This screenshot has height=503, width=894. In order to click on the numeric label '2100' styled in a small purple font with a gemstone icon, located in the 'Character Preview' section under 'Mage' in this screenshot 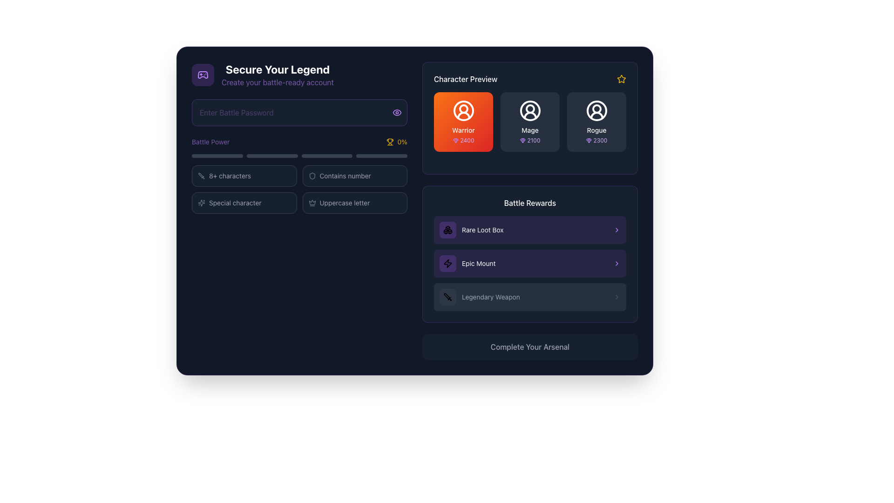, I will do `click(530, 140)`.